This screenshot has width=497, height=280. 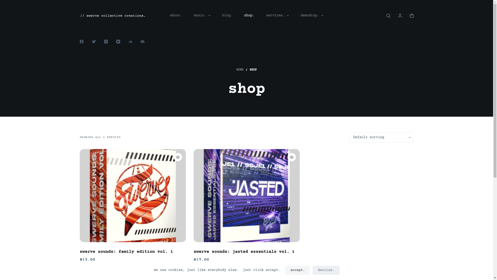 I want to click on 'HOME', so click(x=239, y=70).